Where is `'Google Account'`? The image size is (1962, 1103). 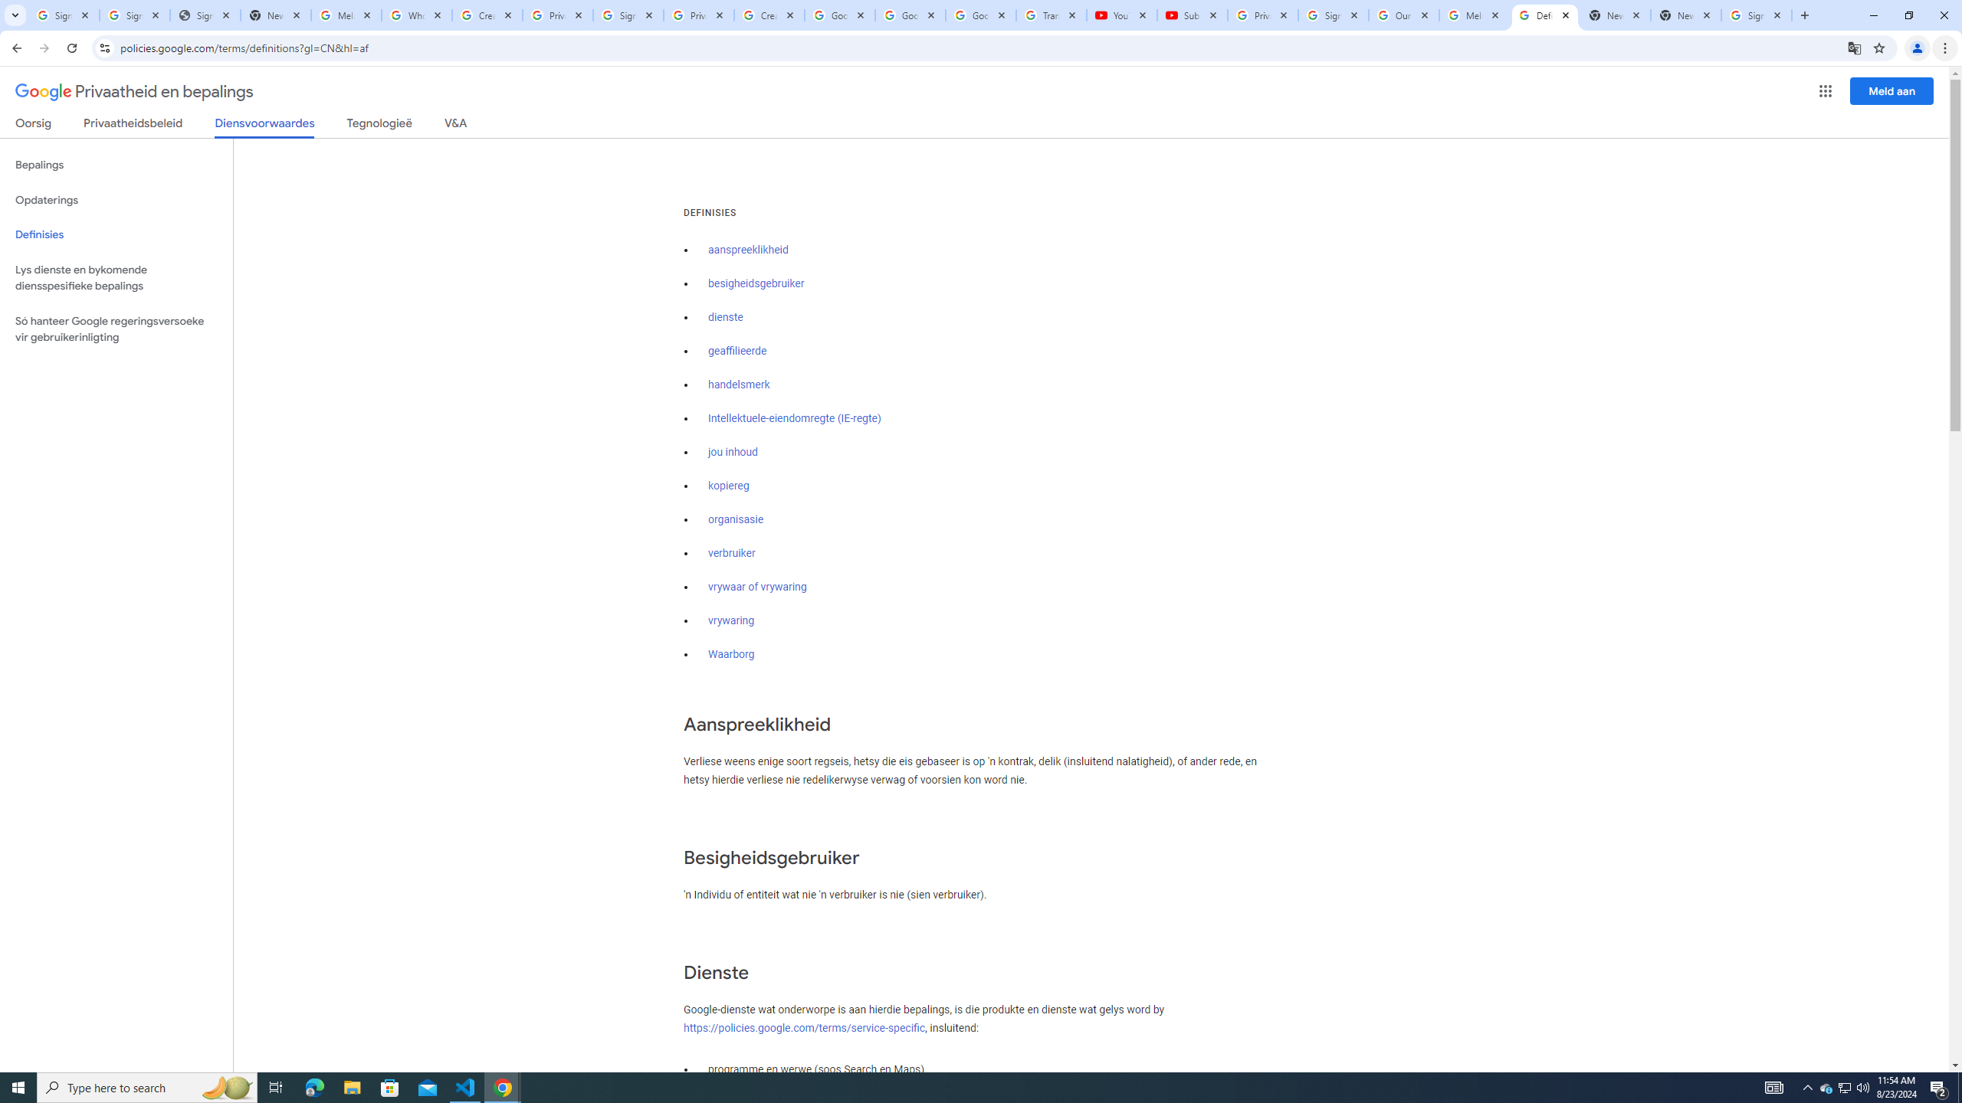 'Google Account' is located at coordinates (981, 15).